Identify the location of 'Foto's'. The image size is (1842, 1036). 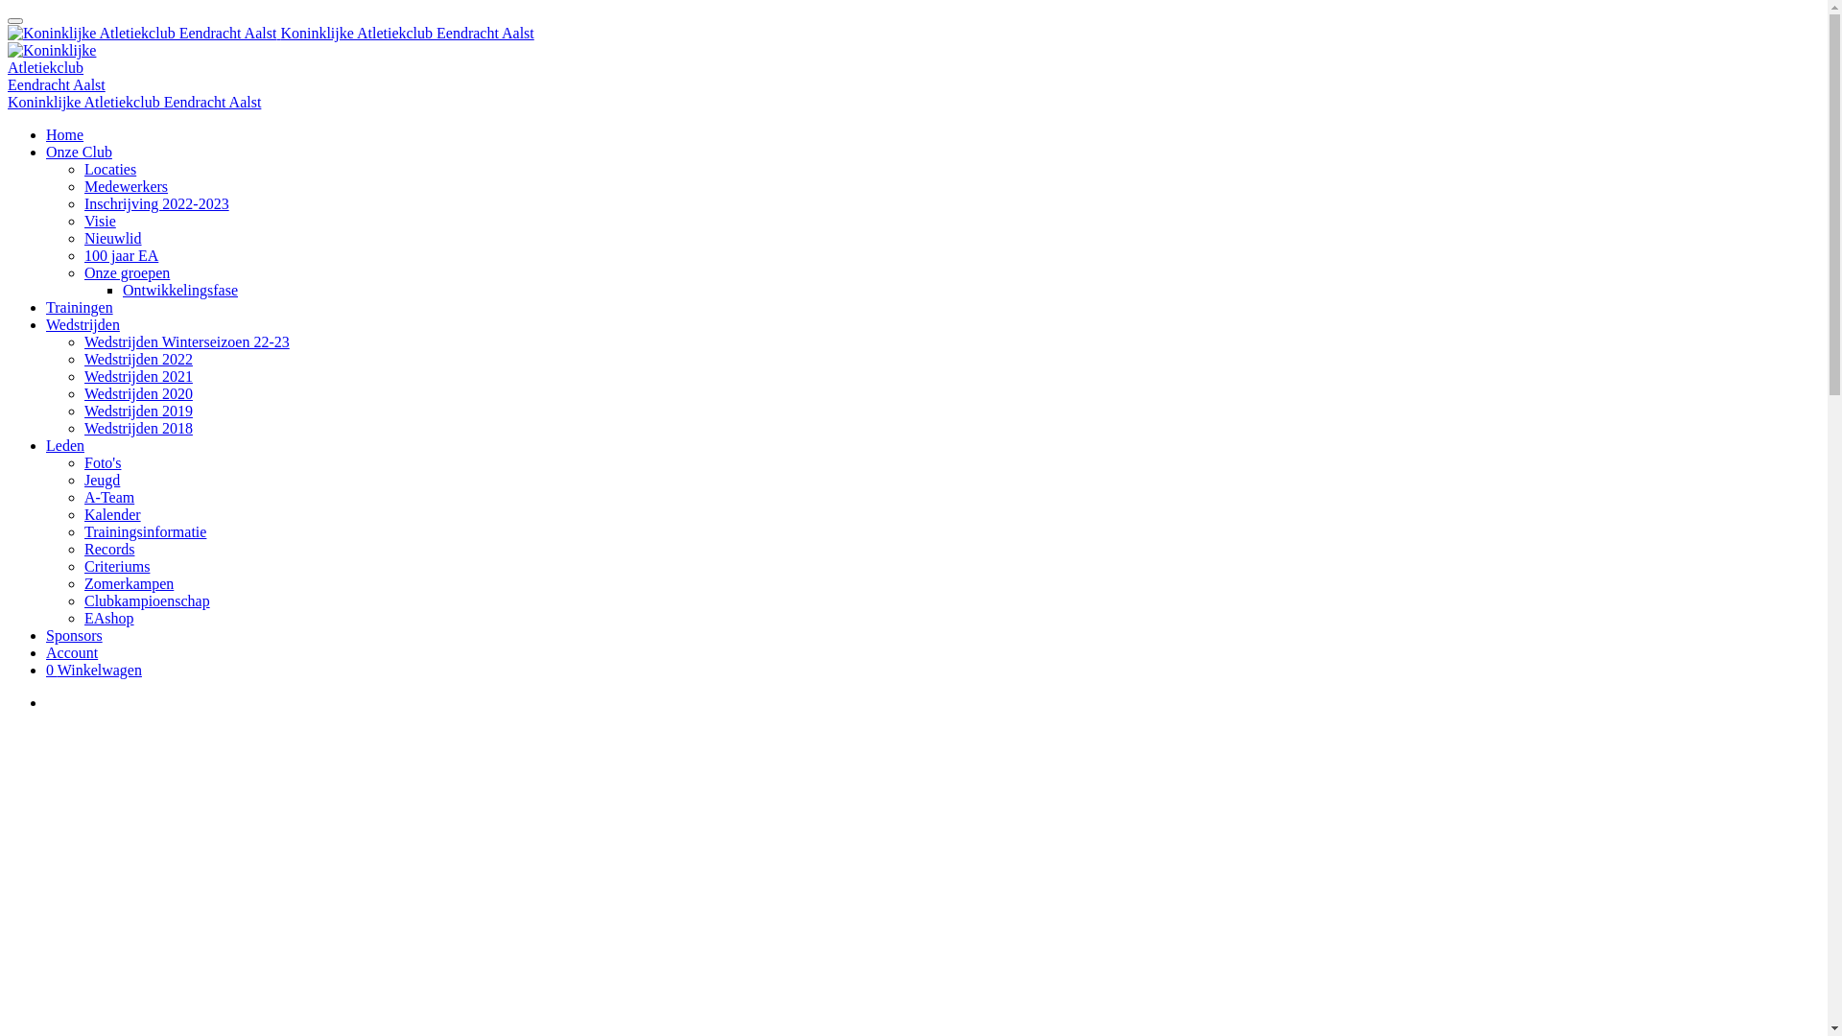
(101, 462).